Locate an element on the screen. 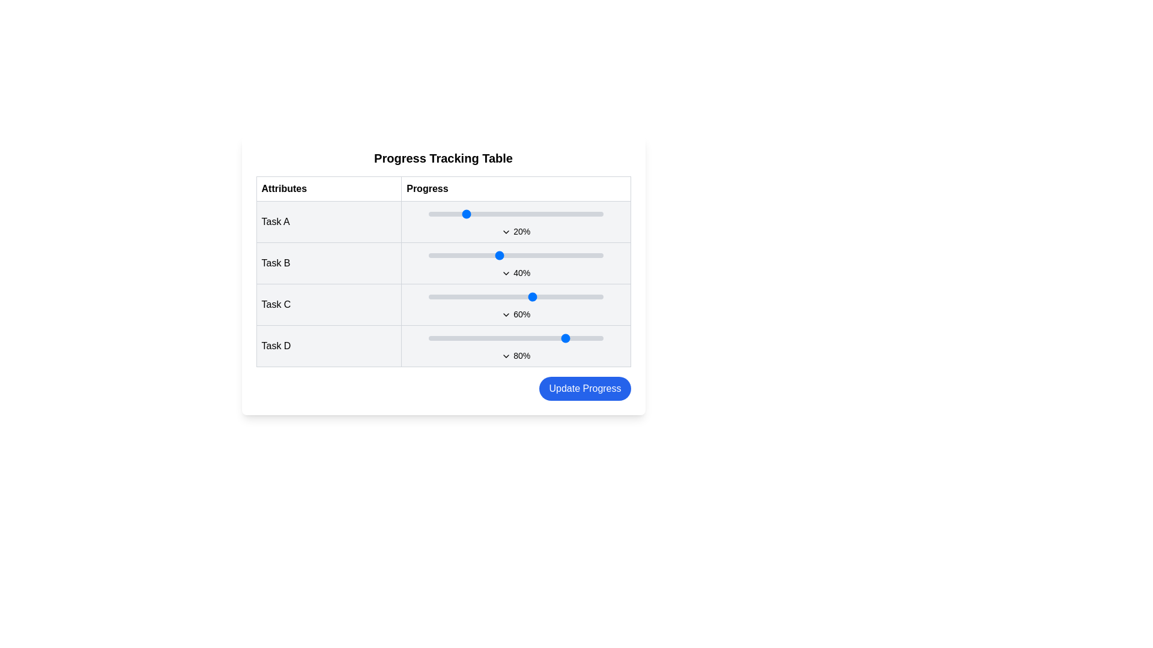  task progress is located at coordinates (523, 338).